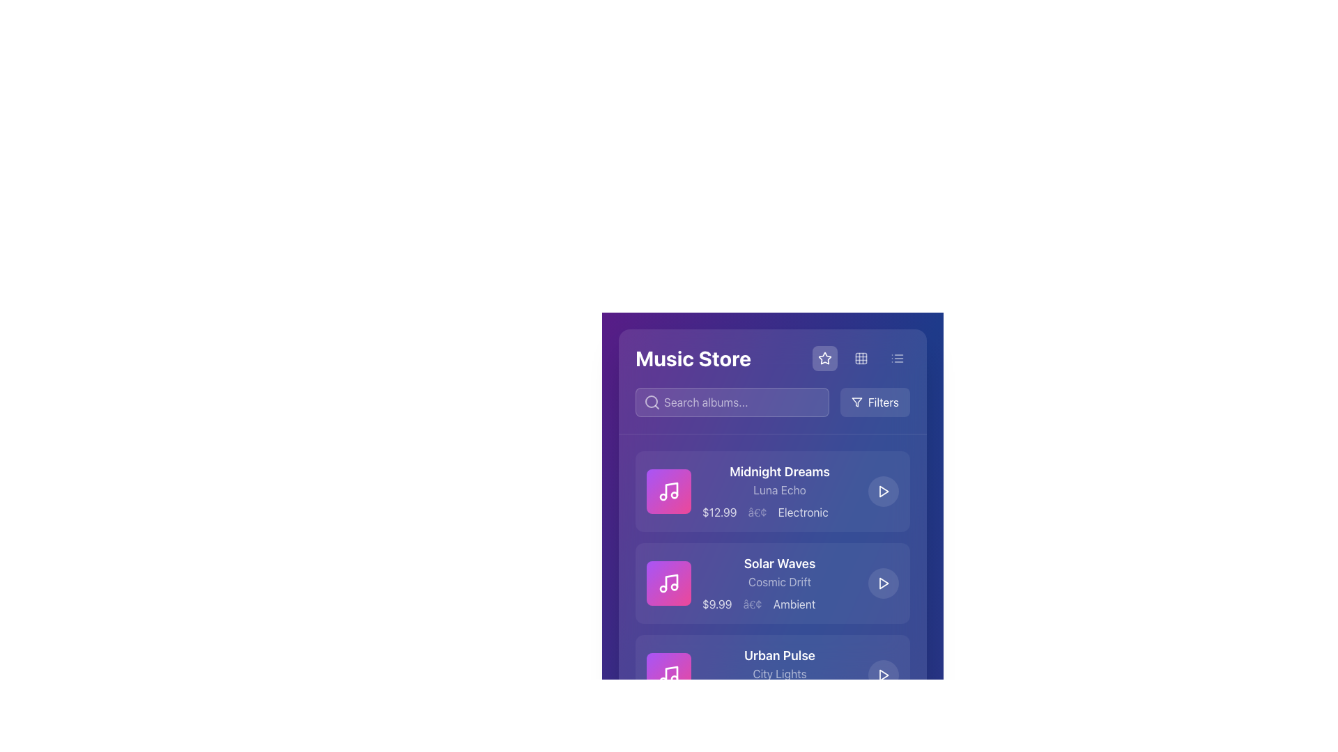 The image size is (1338, 752). Describe the element at coordinates (778, 655) in the screenshot. I see `the 'Urban Pulse' text label, which is styled in bold, large white font on a blue background` at that location.